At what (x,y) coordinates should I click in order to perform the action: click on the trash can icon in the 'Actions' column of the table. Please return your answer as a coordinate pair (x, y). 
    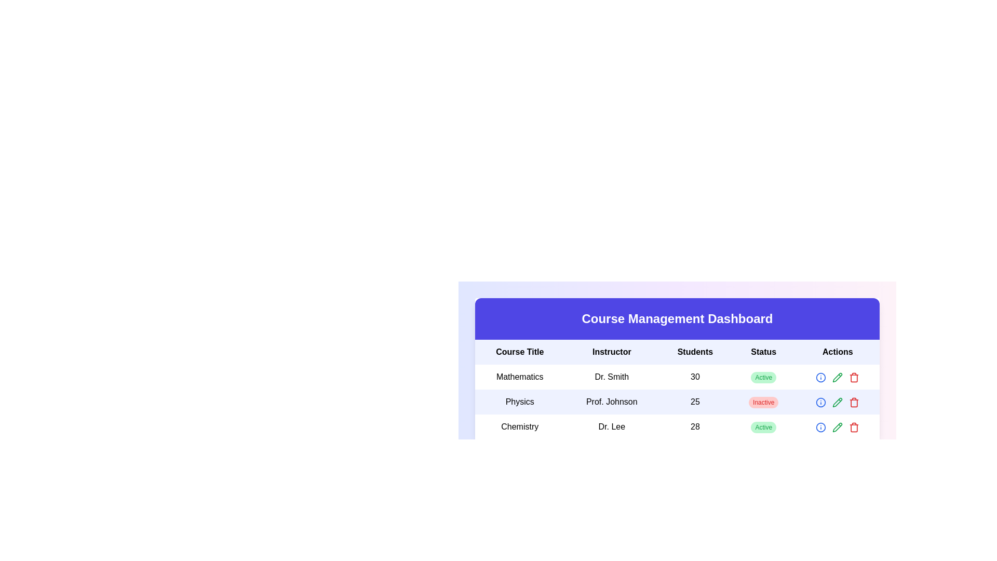
    Looking at the image, I should click on (854, 427).